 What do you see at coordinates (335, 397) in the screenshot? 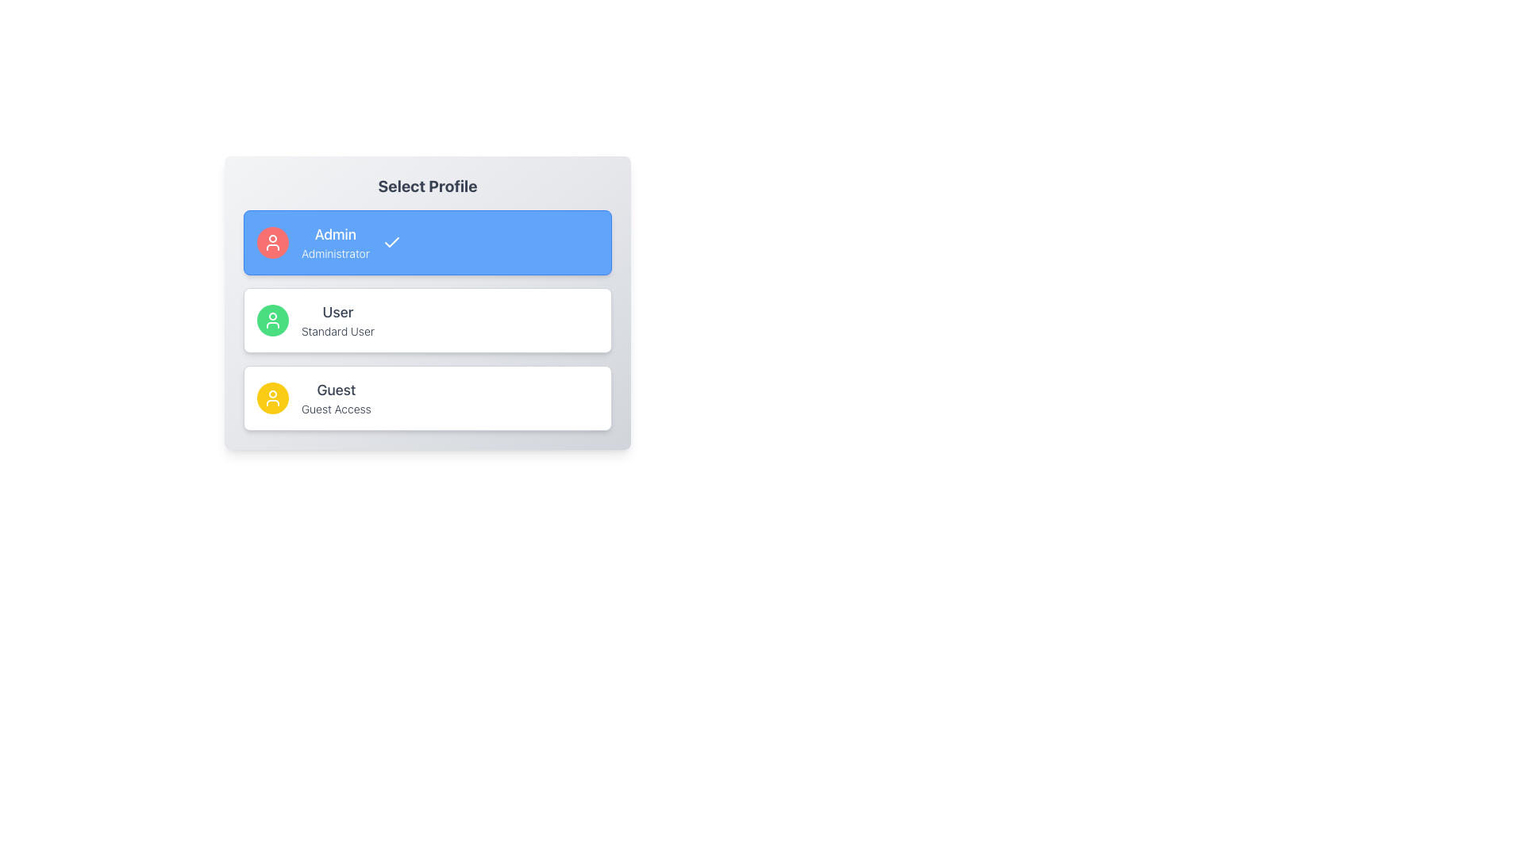
I see `the 'Guest' profile selection item, which is the third option in a vertical list of user profiles, represented by a bordered, white rounded rectangle with a yellow circular icon containing a user avatar` at bounding box center [335, 397].